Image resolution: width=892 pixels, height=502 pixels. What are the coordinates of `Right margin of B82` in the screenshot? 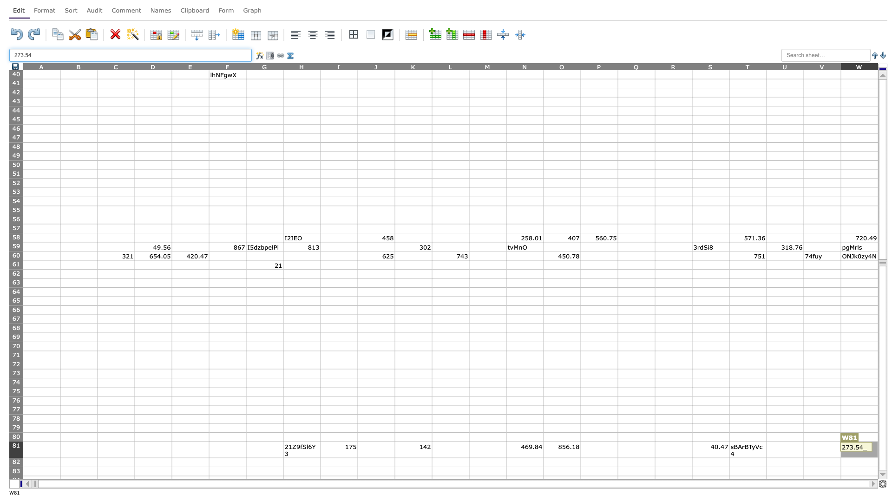 It's located at (98, 462).